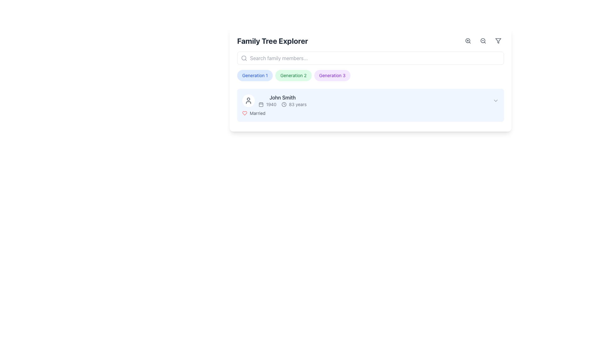  What do you see at coordinates (282, 100) in the screenshot?
I see `displayed informational text about a family tree member located in the Family Tree Explorer interface, centrally positioned within a highlighted card, to the right of the circular profile icon` at bounding box center [282, 100].